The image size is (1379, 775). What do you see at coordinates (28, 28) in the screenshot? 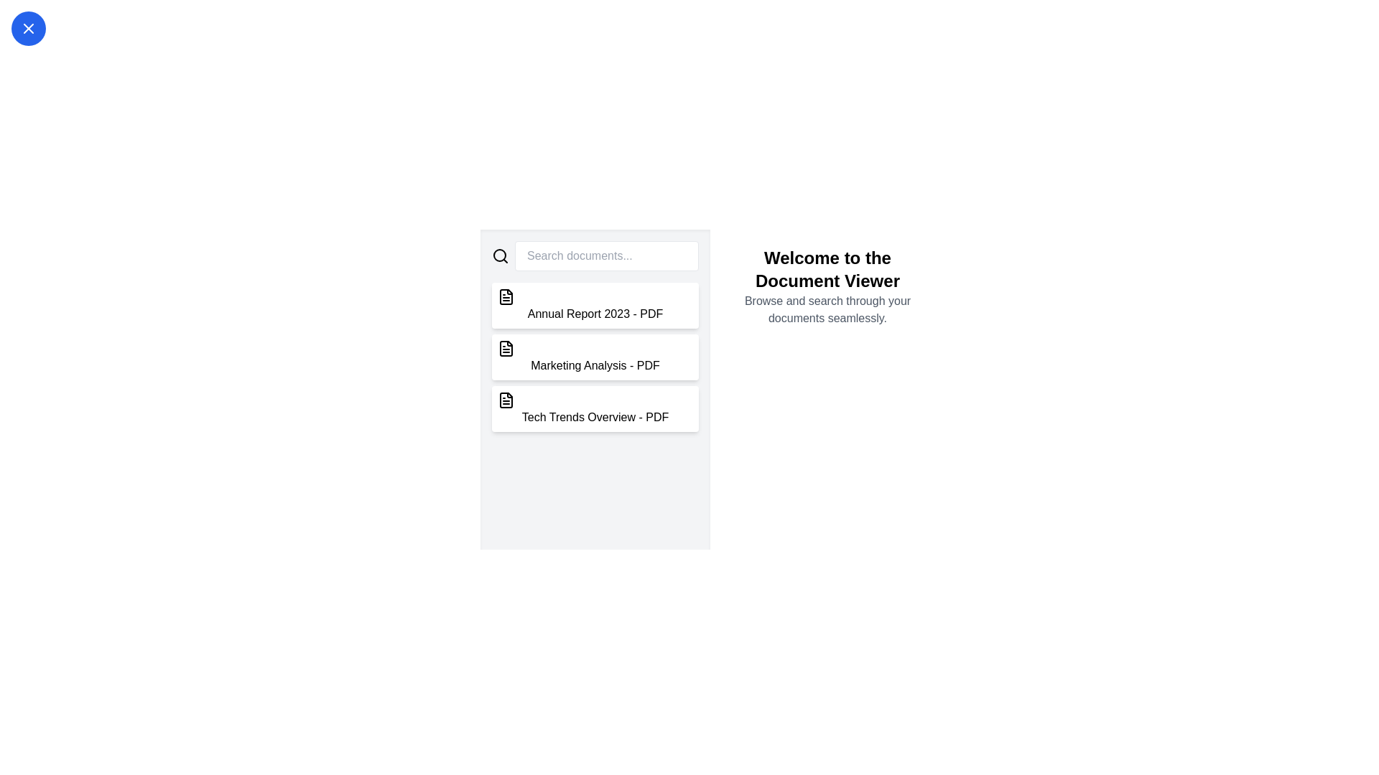
I see `the button to toggle the drawer visibility` at bounding box center [28, 28].